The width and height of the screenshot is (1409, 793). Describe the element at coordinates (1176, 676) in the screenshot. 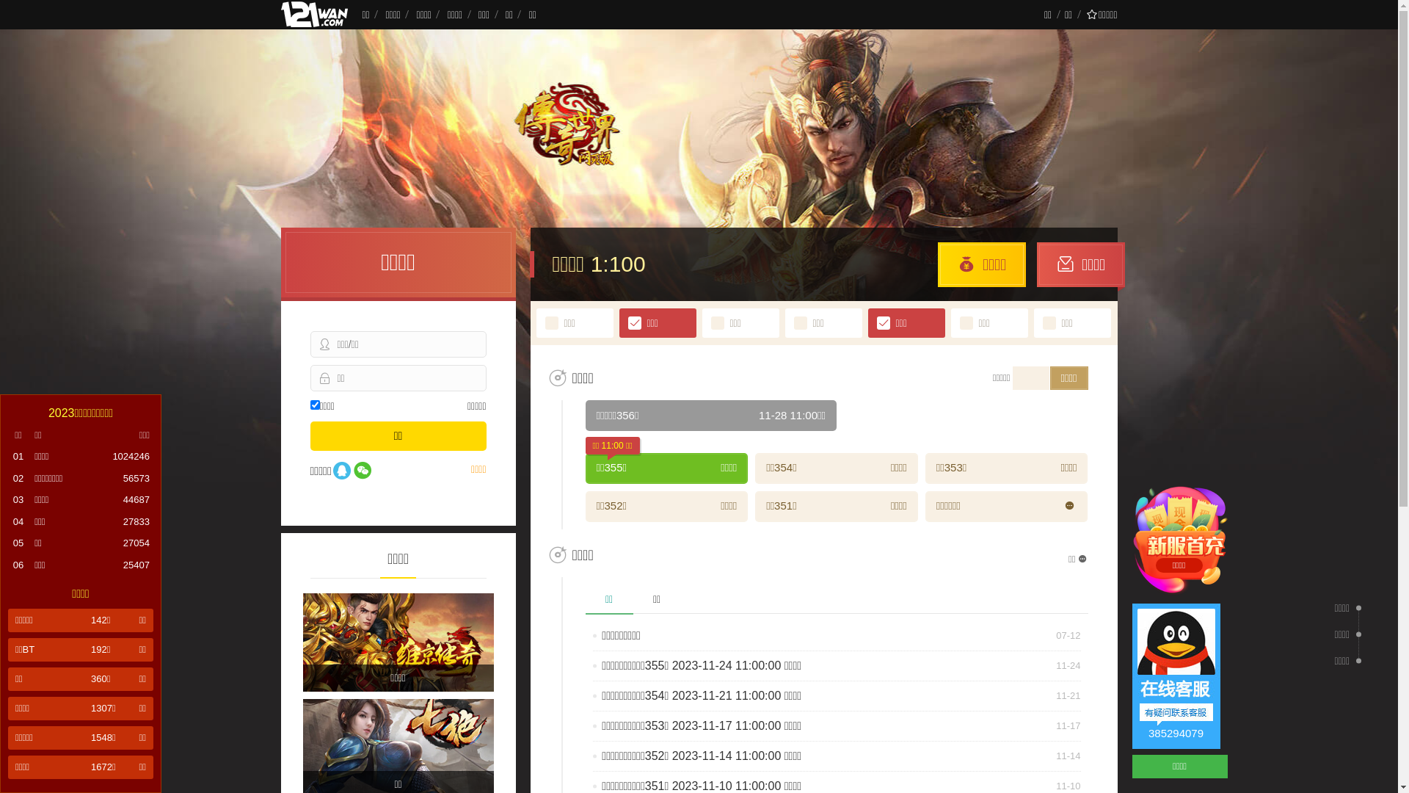

I see `'385294079'` at that location.